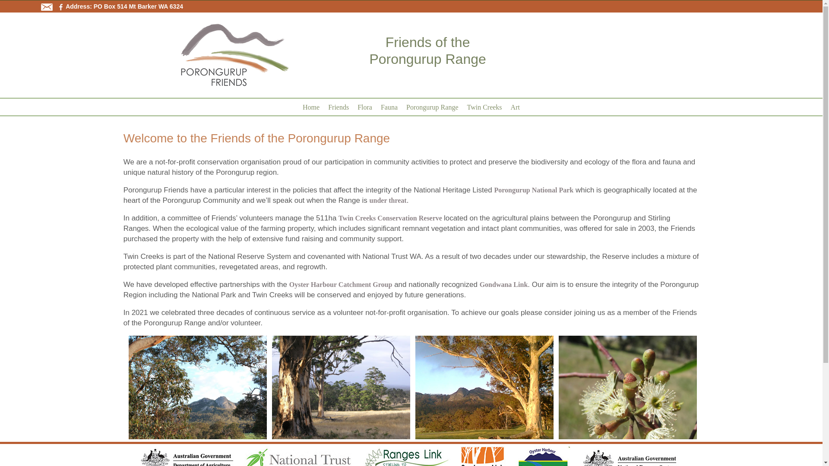  I want to click on 'Flora', so click(364, 106).